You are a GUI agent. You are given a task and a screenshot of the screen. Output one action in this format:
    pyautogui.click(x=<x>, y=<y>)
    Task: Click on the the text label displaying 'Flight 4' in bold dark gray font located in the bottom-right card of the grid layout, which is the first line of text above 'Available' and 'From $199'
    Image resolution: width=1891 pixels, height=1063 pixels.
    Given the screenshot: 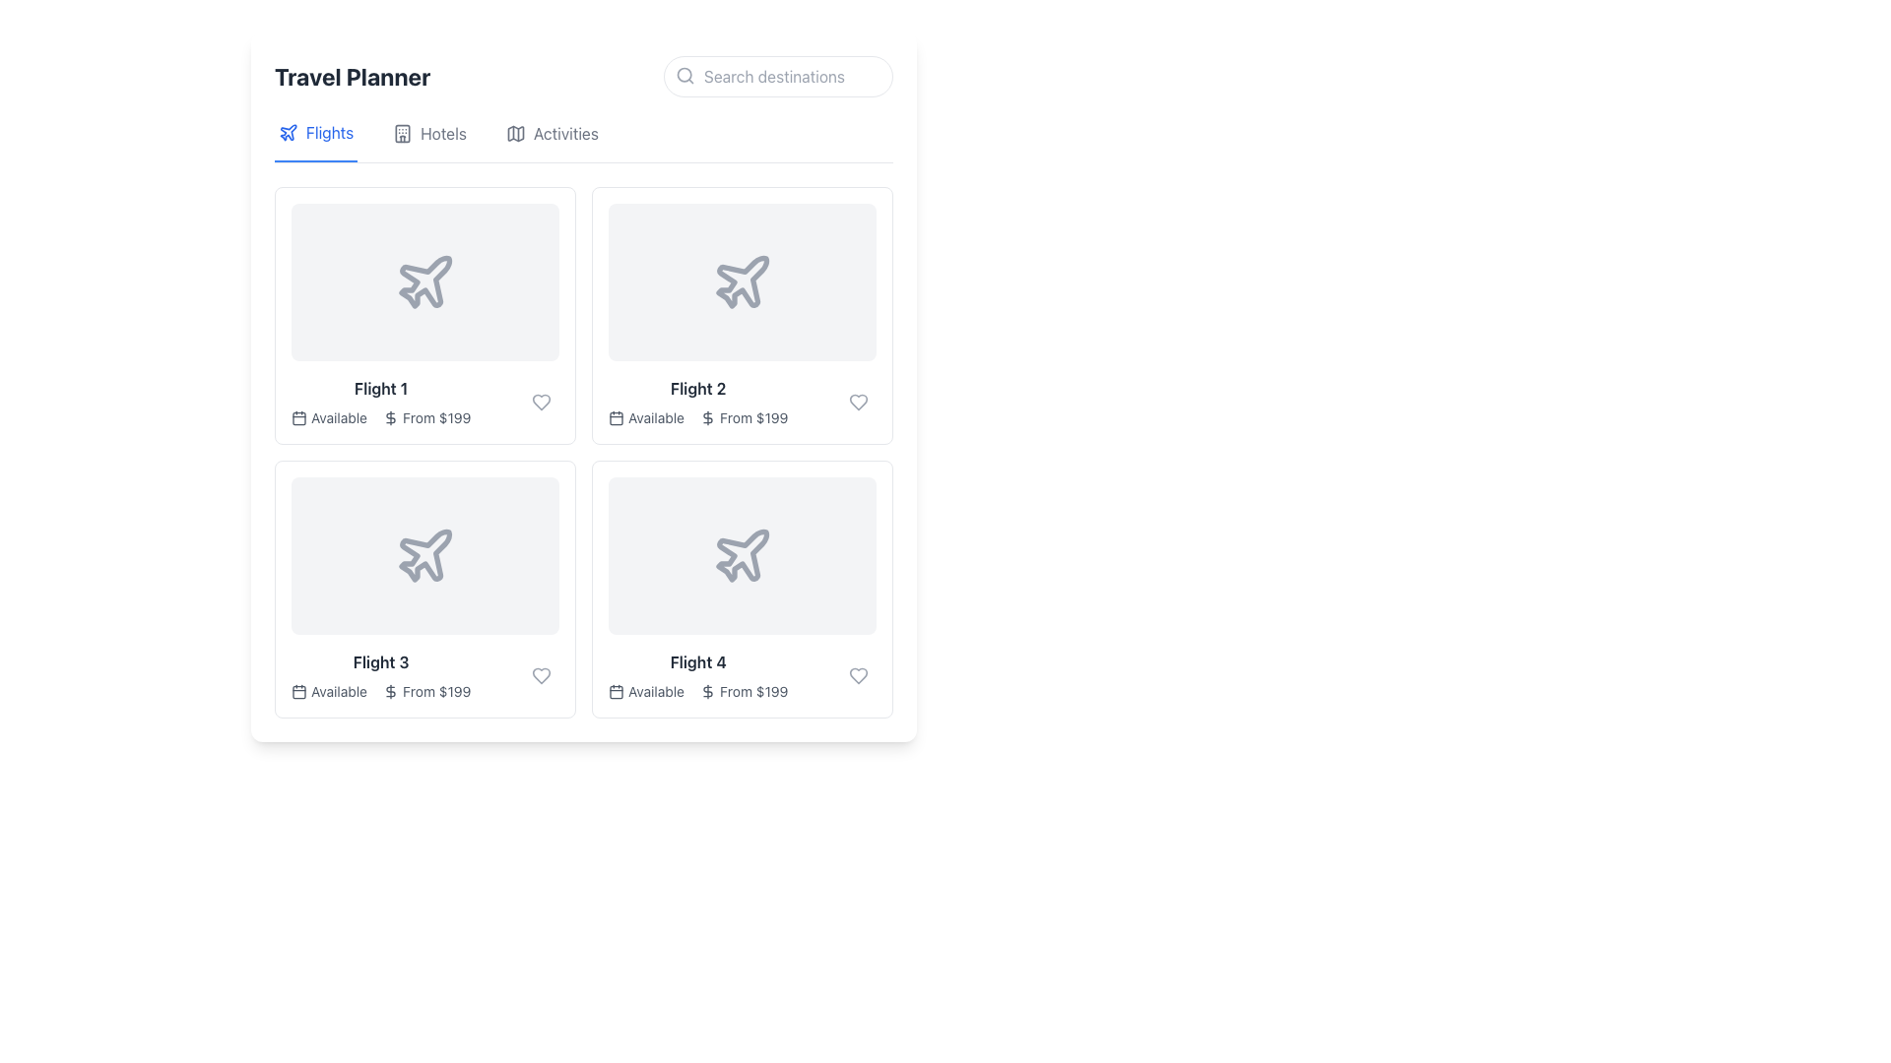 What is the action you would take?
    pyautogui.click(x=698, y=661)
    